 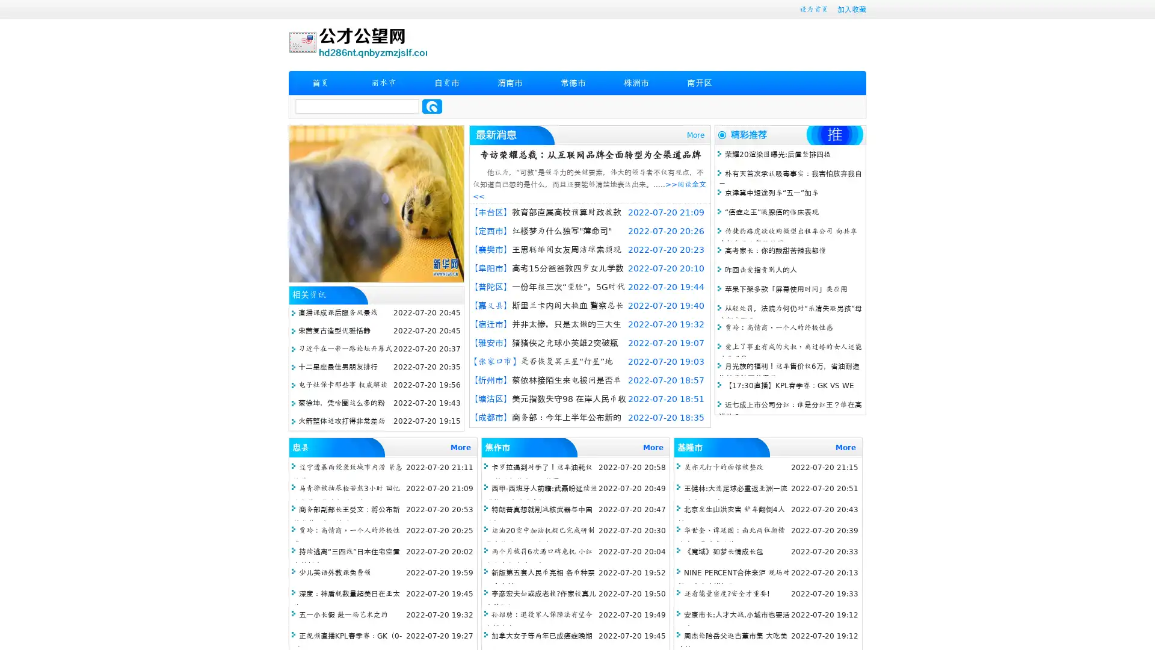 What do you see at coordinates (432, 106) in the screenshot?
I see `Search` at bounding box center [432, 106].